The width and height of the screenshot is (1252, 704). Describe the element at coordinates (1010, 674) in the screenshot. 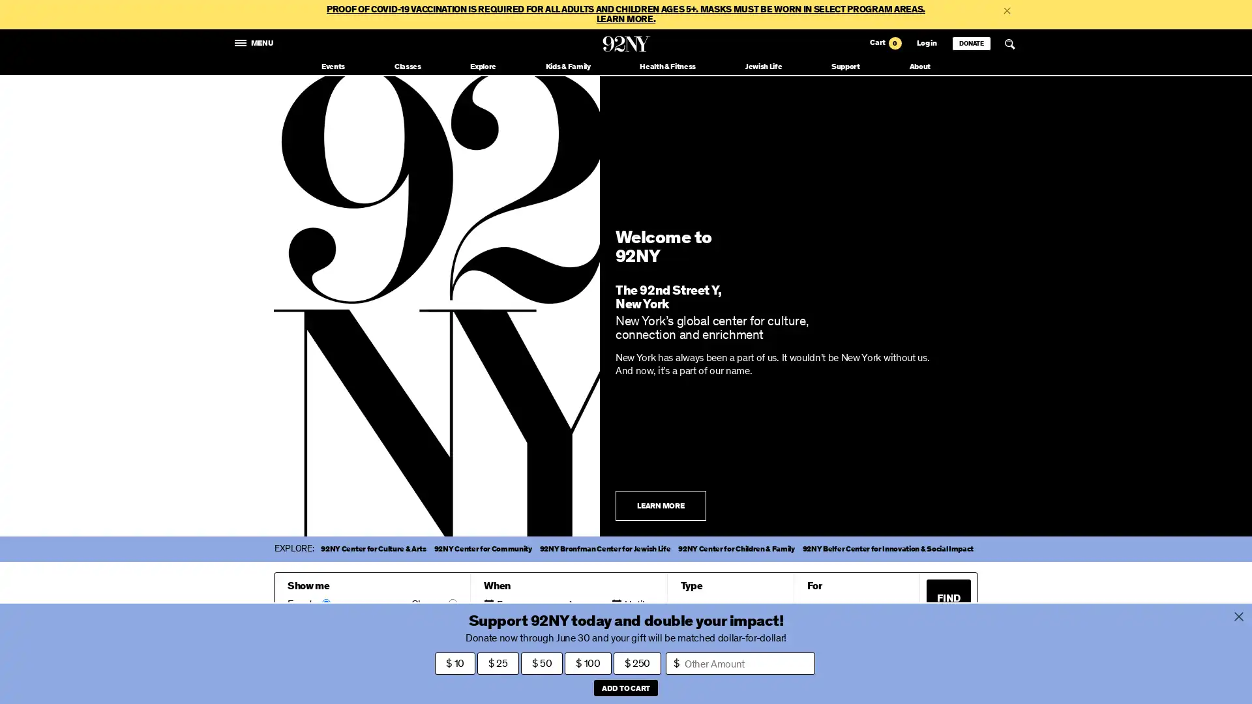

I see `Close Email Signup` at that location.